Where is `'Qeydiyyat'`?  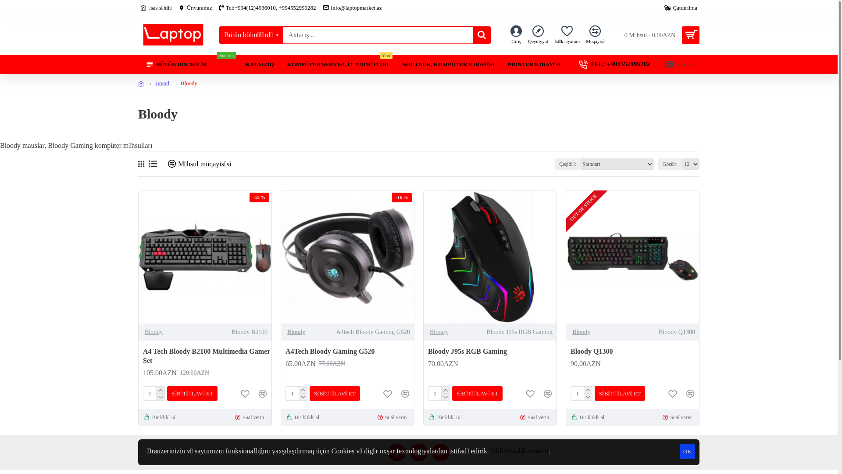
'Qeydiyyat' is located at coordinates (538, 35).